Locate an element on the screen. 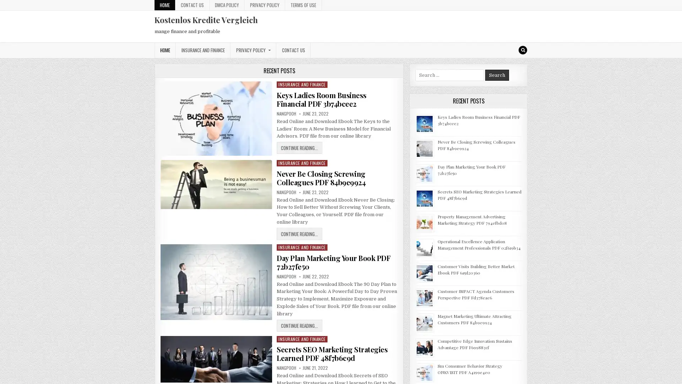 This screenshot has width=682, height=384. Search is located at coordinates (497, 75).